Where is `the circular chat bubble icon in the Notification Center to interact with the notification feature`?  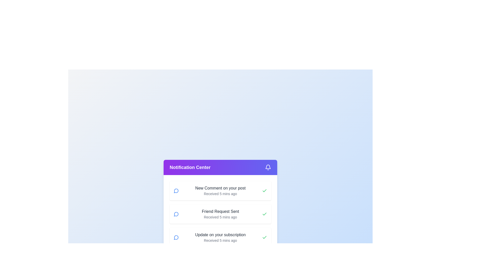 the circular chat bubble icon in the Notification Center to interact with the notification feature is located at coordinates (176, 214).